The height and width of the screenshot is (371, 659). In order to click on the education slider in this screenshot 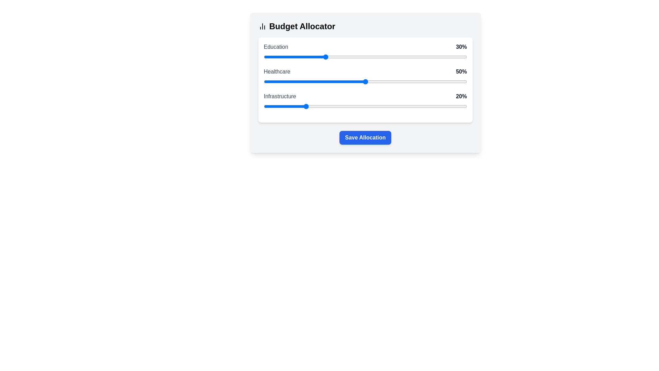, I will do `click(312, 56)`.